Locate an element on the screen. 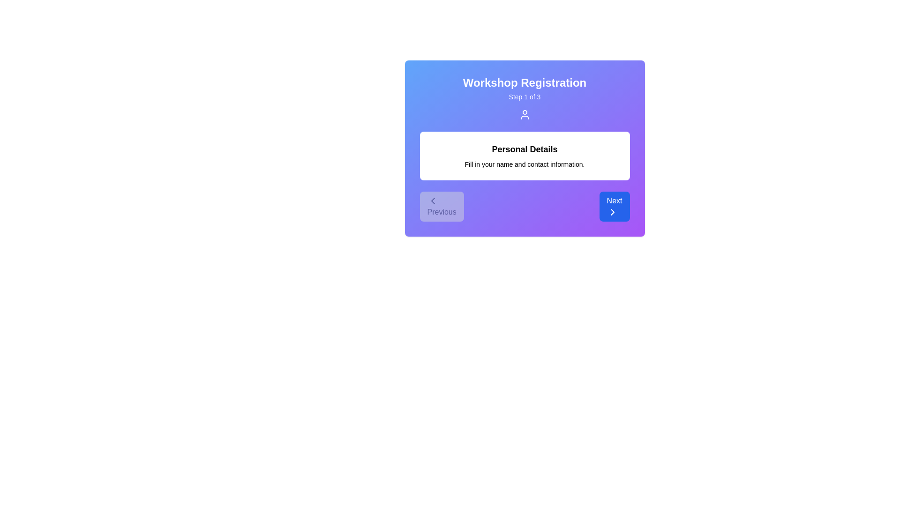 The width and height of the screenshot is (900, 506). the 'Previous' button located at the bottom-left corner of the workshop registration card, which allows navigation to the previous step in a multi-step process is located at coordinates (441, 206).